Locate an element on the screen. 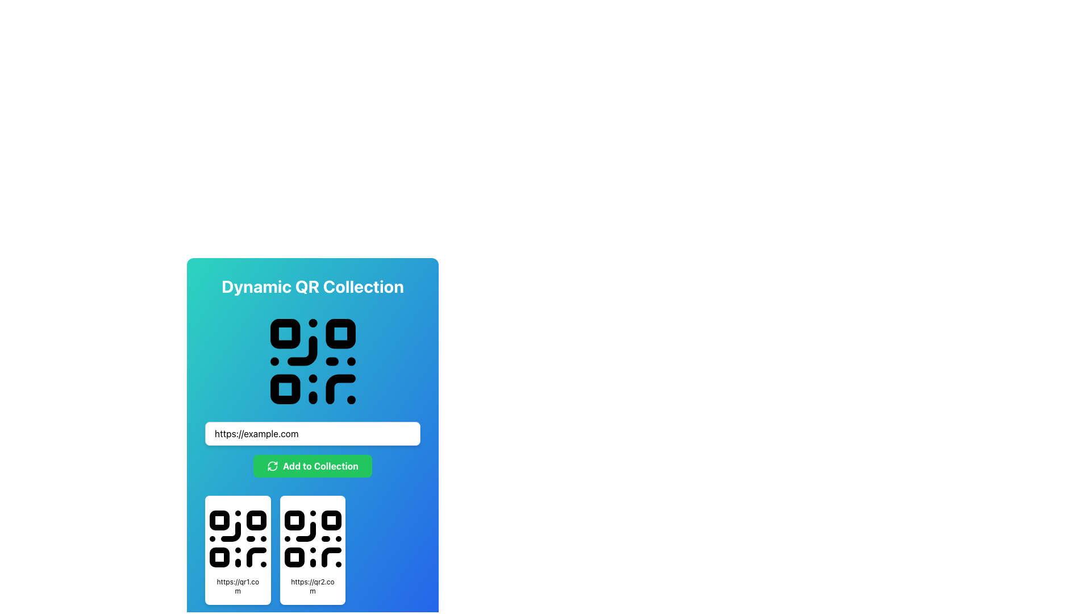  the QR code card displaying 'https://qr2.com' located in the bottom right area of the layout is located at coordinates (313, 550).